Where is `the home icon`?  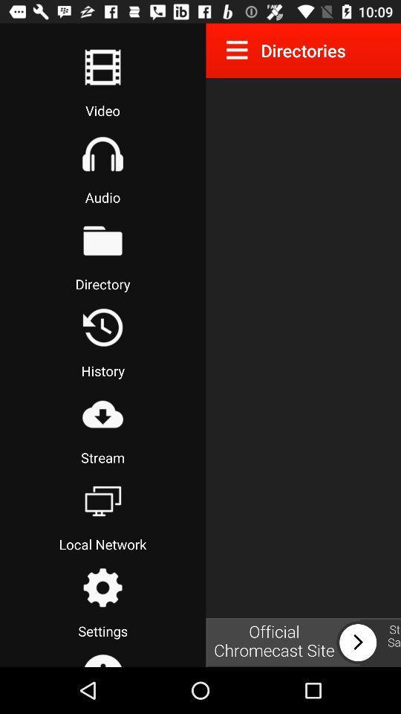 the home icon is located at coordinates (102, 154).